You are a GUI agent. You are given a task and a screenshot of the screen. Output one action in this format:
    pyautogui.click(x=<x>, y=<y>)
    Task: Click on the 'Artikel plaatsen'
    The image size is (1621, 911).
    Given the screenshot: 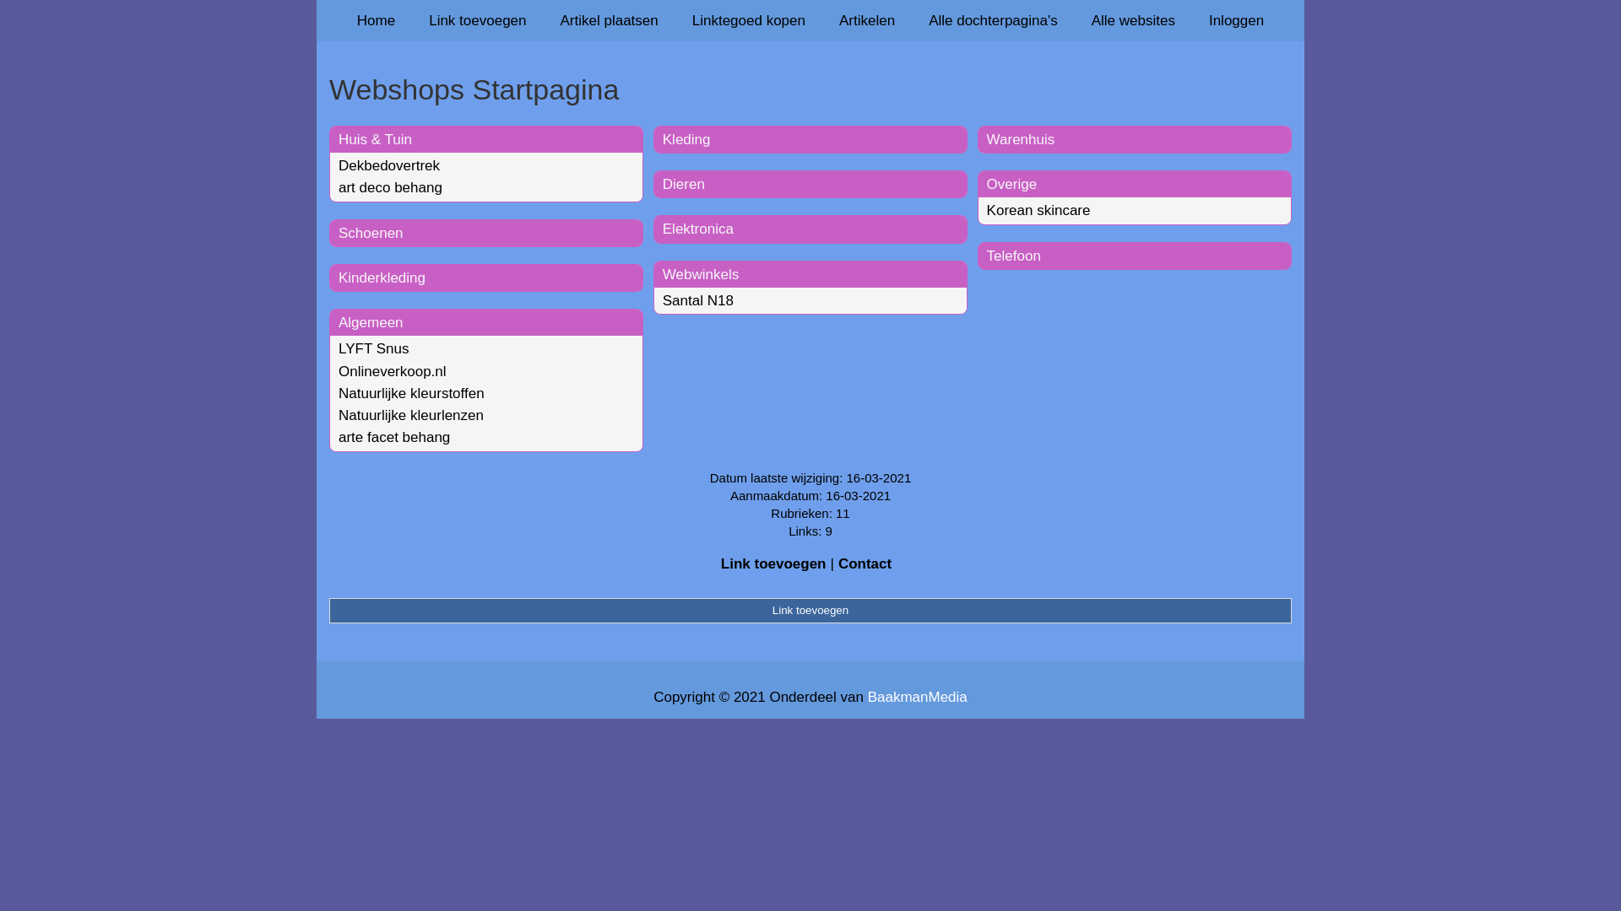 What is the action you would take?
    pyautogui.click(x=608, y=20)
    